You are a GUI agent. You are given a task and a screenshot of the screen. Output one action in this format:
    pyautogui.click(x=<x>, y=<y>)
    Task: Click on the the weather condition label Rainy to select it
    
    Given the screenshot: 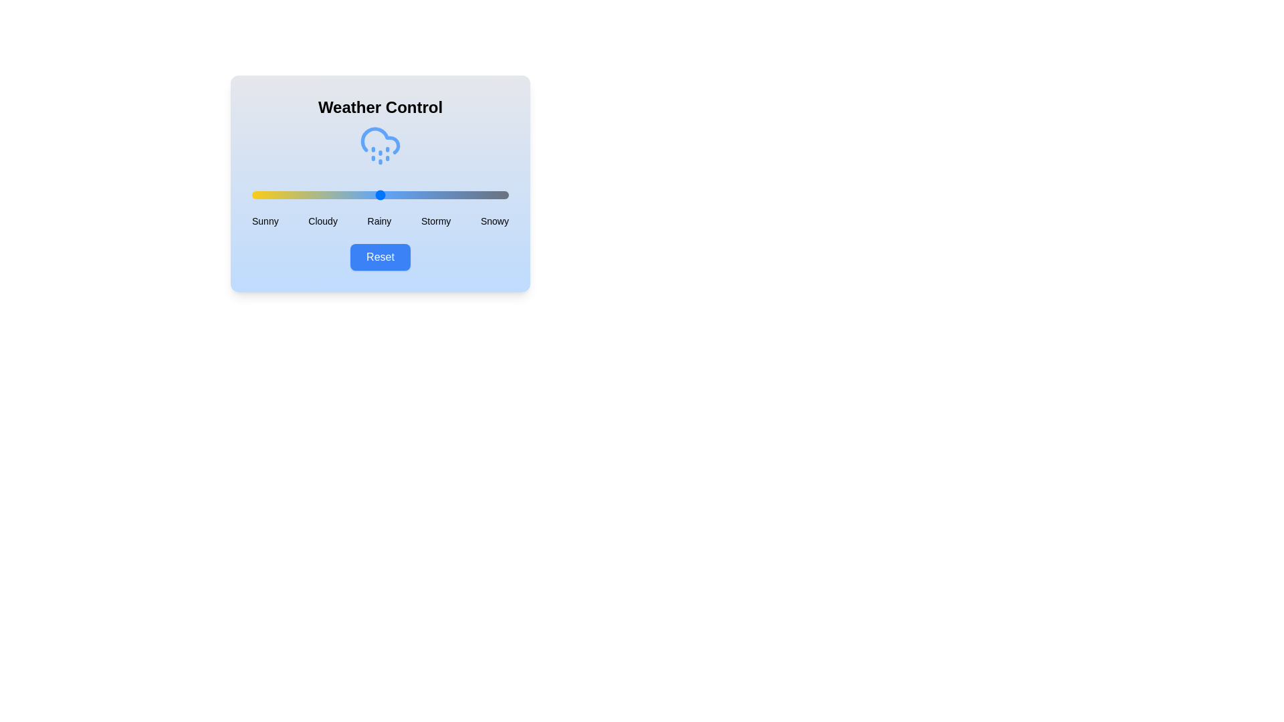 What is the action you would take?
    pyautogui.click(x=378, y=221)
    